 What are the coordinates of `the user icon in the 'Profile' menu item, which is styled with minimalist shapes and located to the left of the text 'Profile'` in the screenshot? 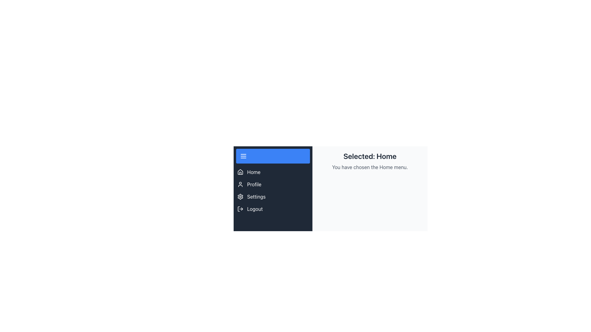 It's located at (240, 184).